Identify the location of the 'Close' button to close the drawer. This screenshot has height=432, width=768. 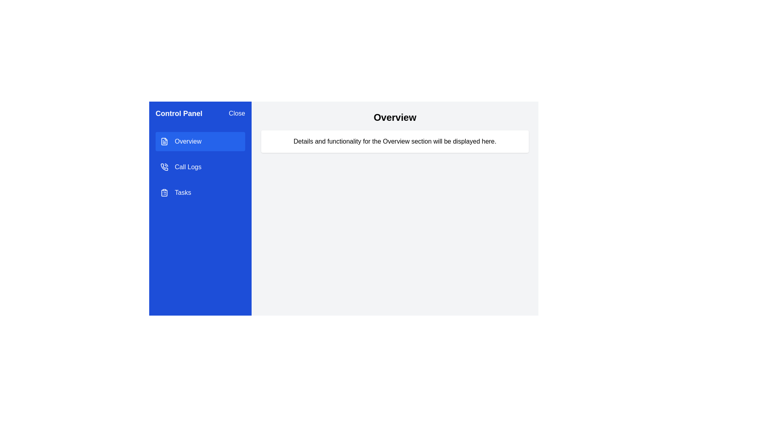
(236, 114).